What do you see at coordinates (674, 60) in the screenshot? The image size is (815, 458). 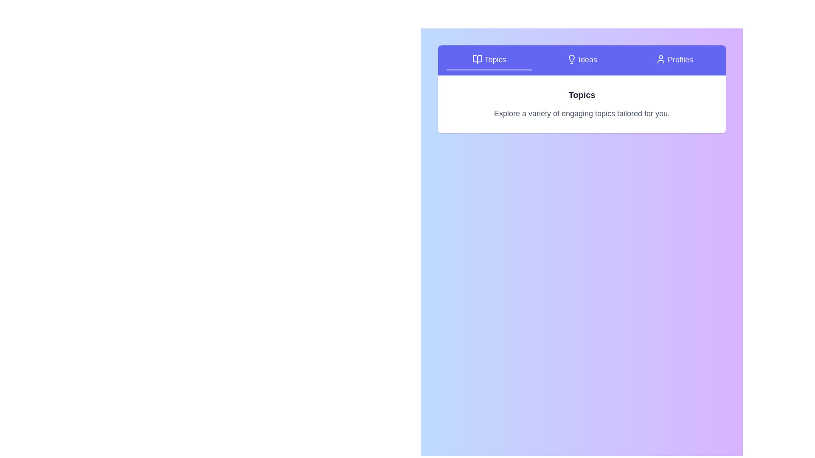 I see `the Profiles tab to inspect its content` at bounding box center [674, 60].